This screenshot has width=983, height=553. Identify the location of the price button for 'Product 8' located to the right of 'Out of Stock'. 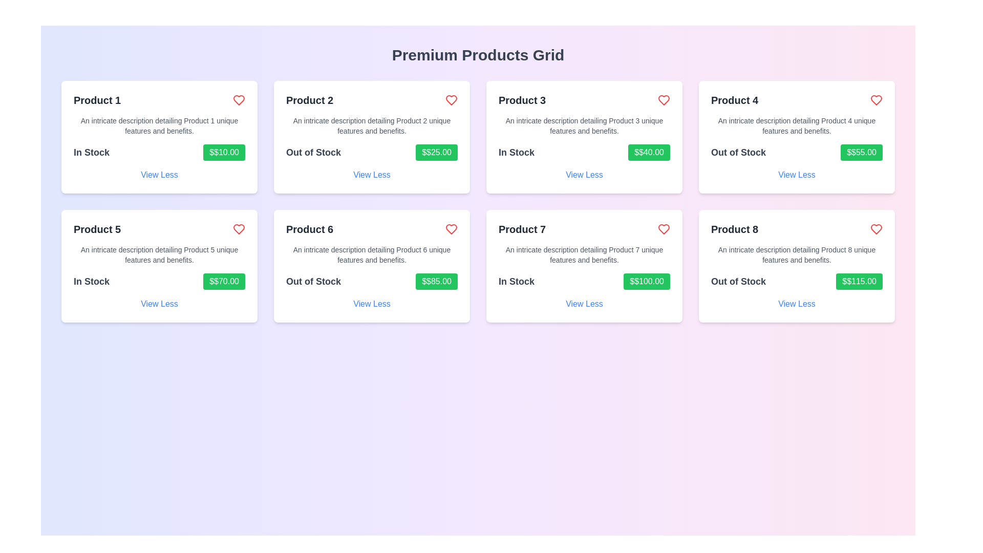
(859, 282).